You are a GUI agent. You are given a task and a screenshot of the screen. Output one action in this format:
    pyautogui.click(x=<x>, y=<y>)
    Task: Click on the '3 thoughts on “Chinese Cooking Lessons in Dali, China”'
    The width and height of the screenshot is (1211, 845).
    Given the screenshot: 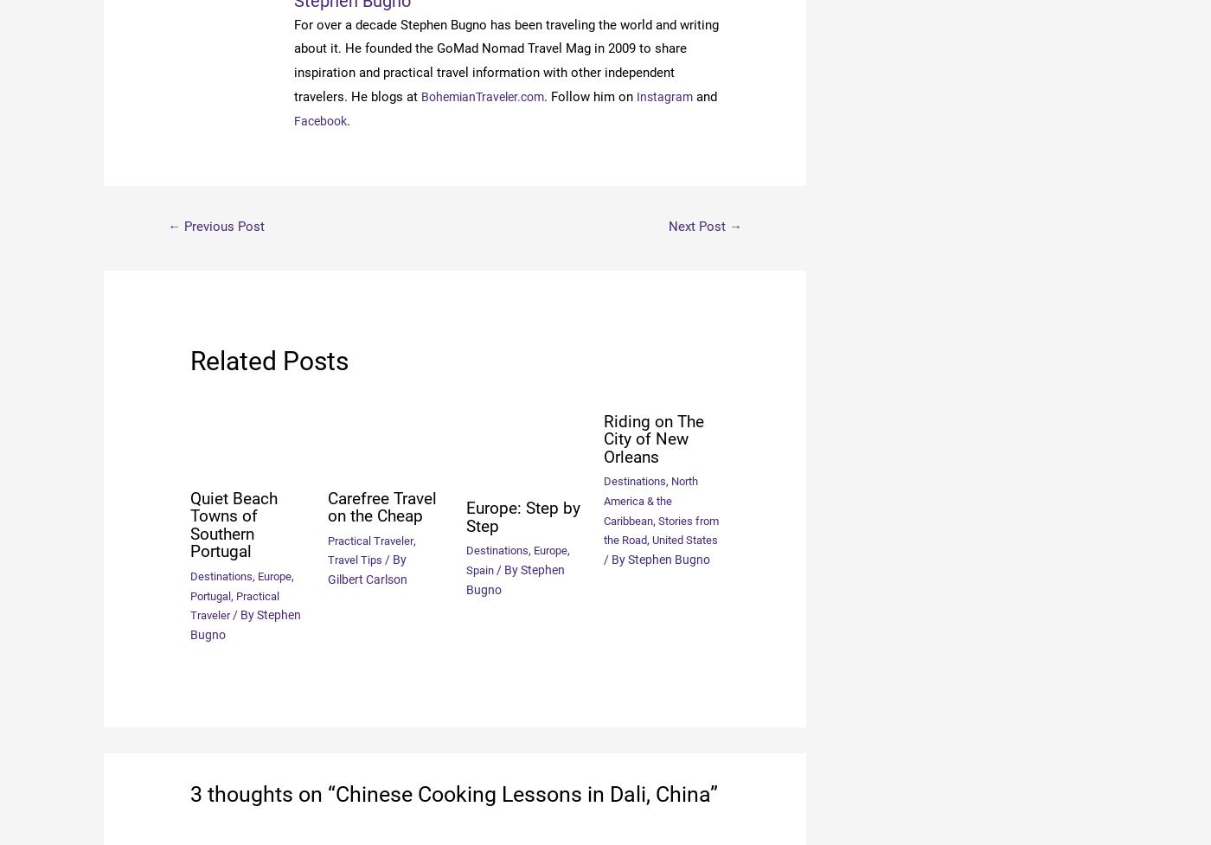 What is the action you would take?
    pyautogui.click(x=453, y=792)
    